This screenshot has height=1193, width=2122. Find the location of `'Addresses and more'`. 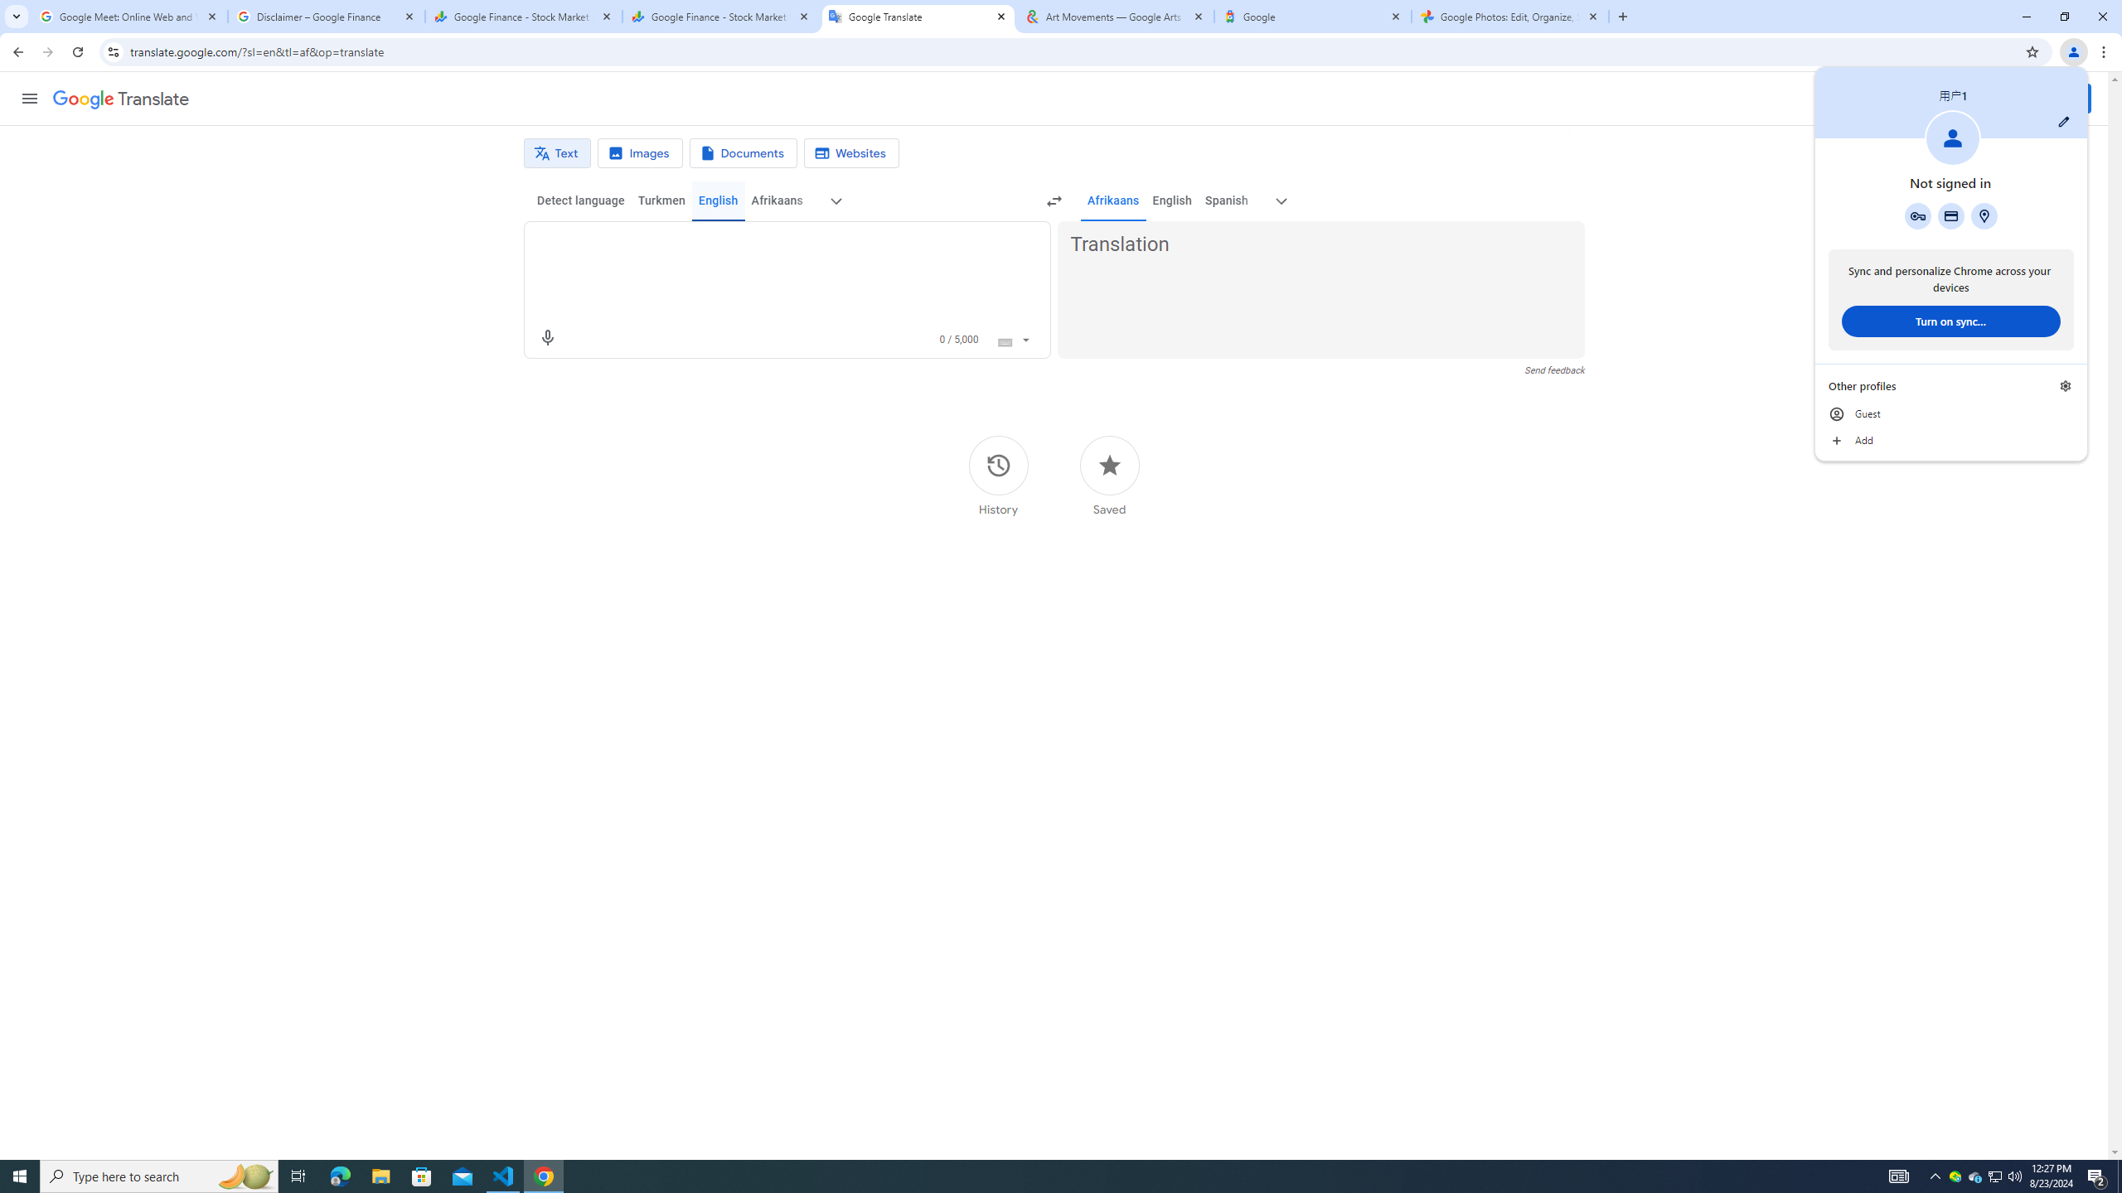

'Addresses and more' is located at coordinates (1983, 215).